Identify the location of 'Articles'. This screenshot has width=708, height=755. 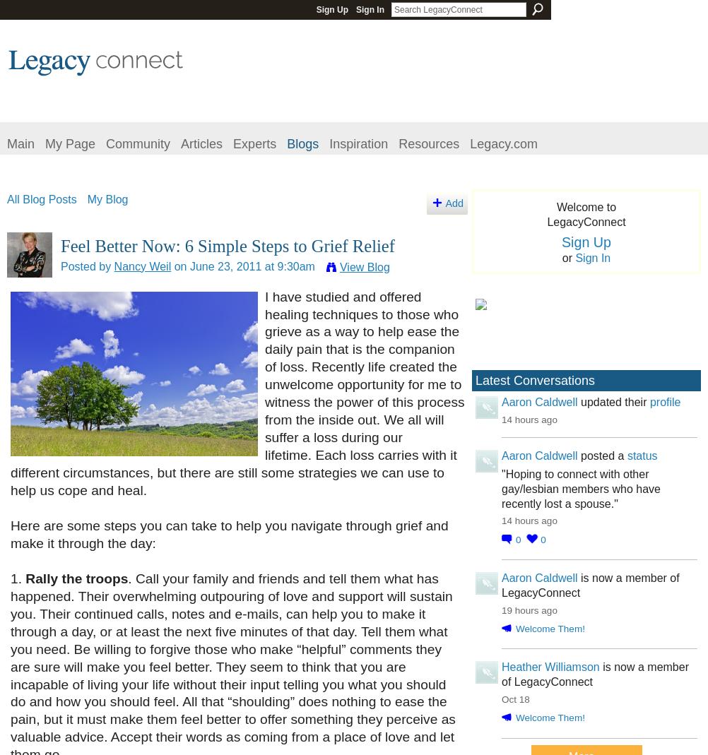
(180, 143).